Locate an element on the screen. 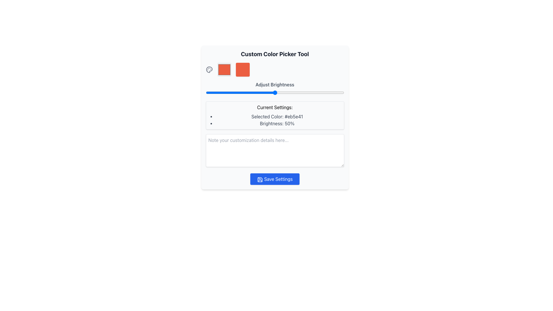 The image size is (553, 311). brightness is located at coordinates (337, 92).